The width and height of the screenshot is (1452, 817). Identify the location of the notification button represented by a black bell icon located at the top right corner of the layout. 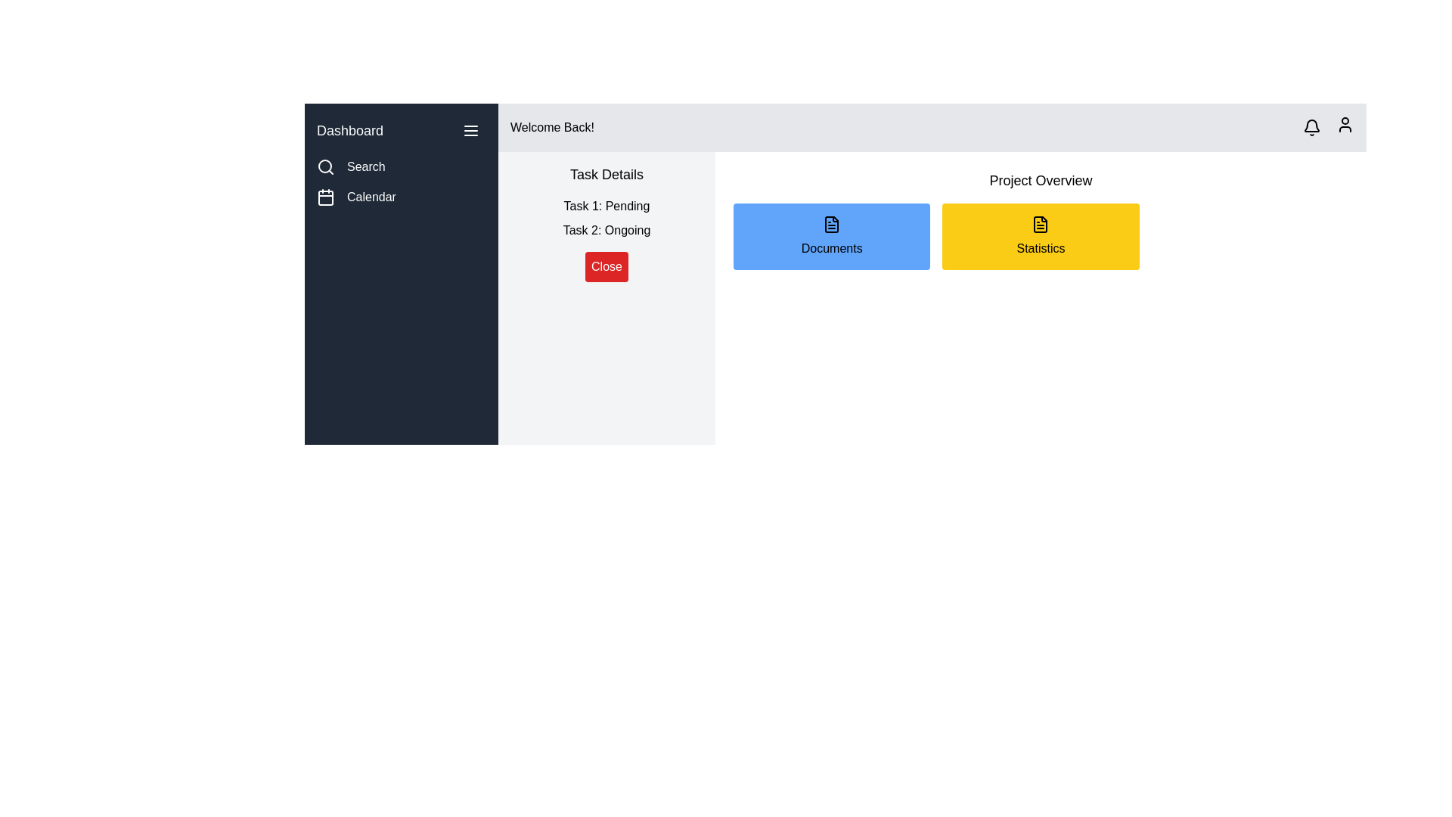
(1311, 127).